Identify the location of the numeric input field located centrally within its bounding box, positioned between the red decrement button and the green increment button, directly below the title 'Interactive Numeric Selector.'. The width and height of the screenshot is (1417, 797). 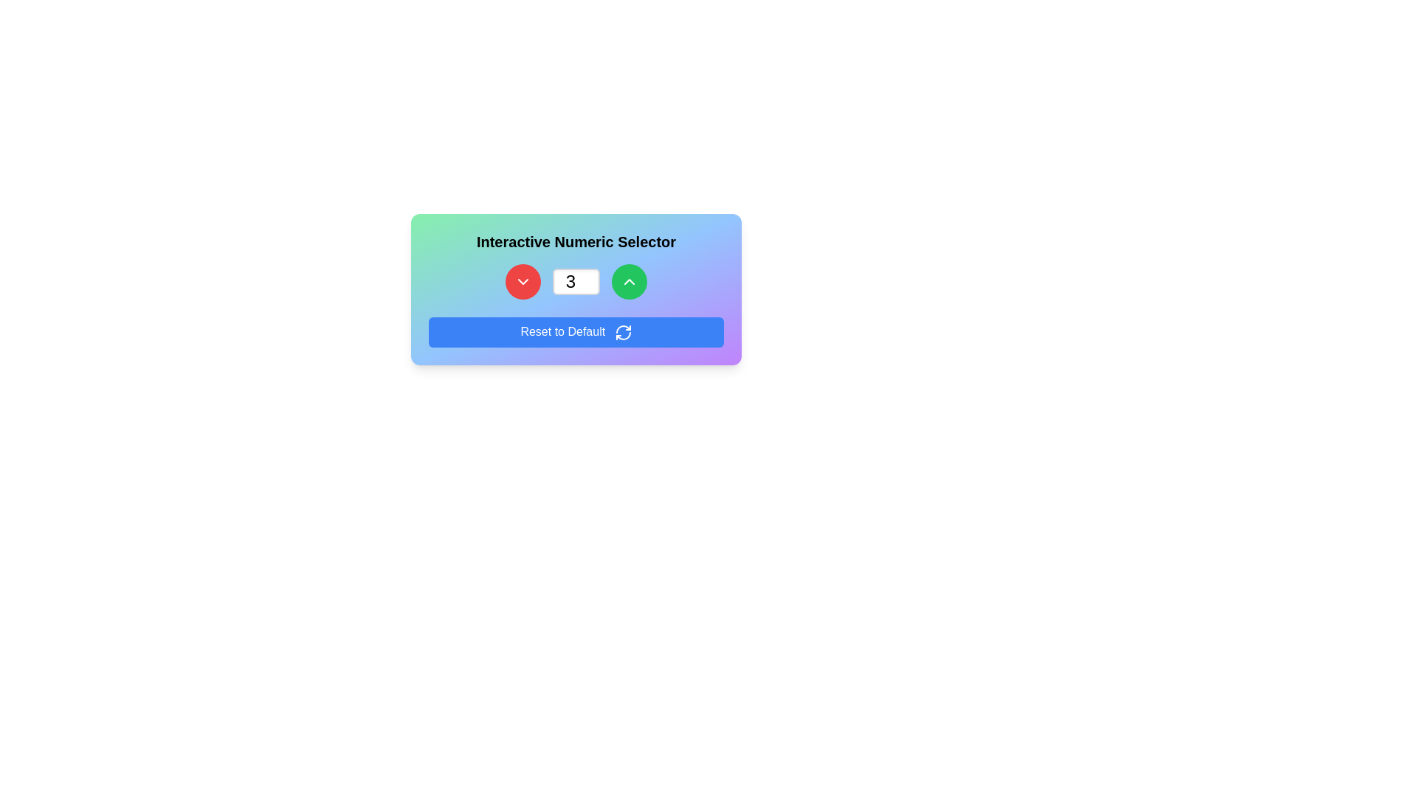
(576, 289).